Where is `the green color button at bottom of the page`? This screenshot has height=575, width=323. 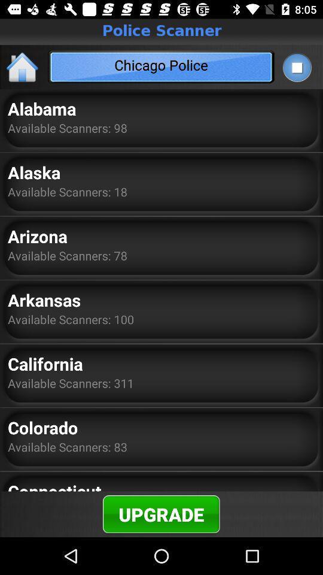
the green color button at bottom of the page is located at coordinates (161, 513).